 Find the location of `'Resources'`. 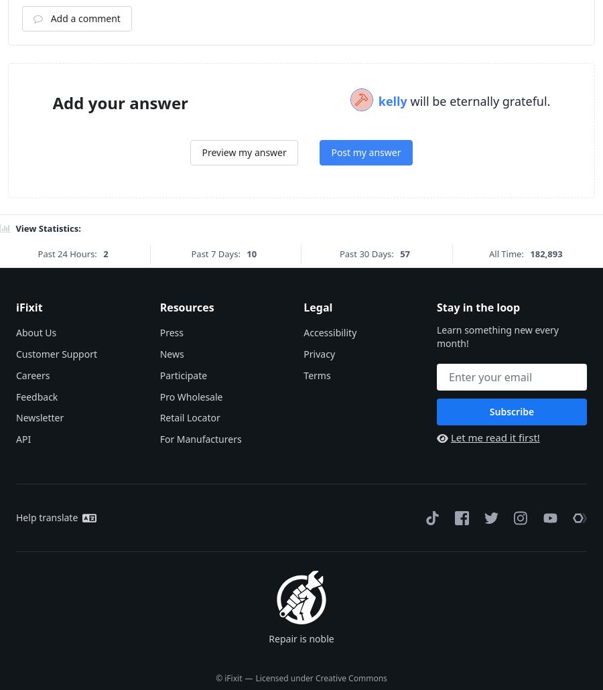

'Resources' is located at coordinates (186, 472).